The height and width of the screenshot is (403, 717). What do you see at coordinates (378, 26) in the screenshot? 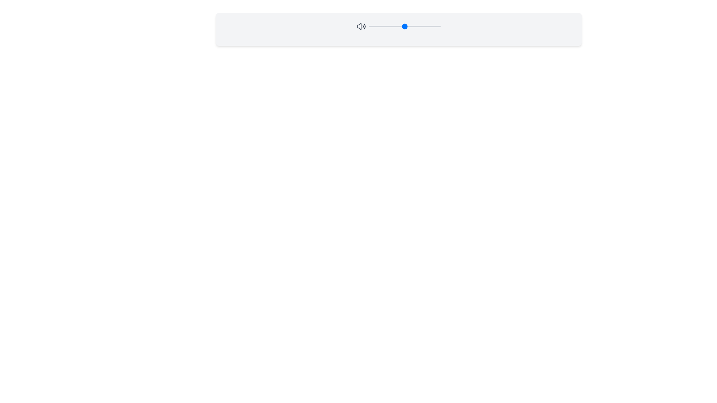
I see `volume level` at bounding box center [378, 26].